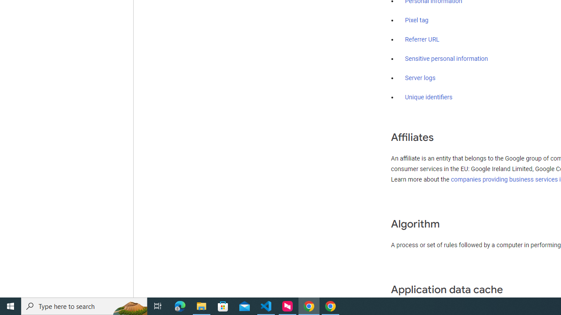 This screenshot has height=315, width=561. What do you see at coordinates (429, 97) in the screenshot?
I see `'Unique identifiers'` at bounding box center [429, 97].